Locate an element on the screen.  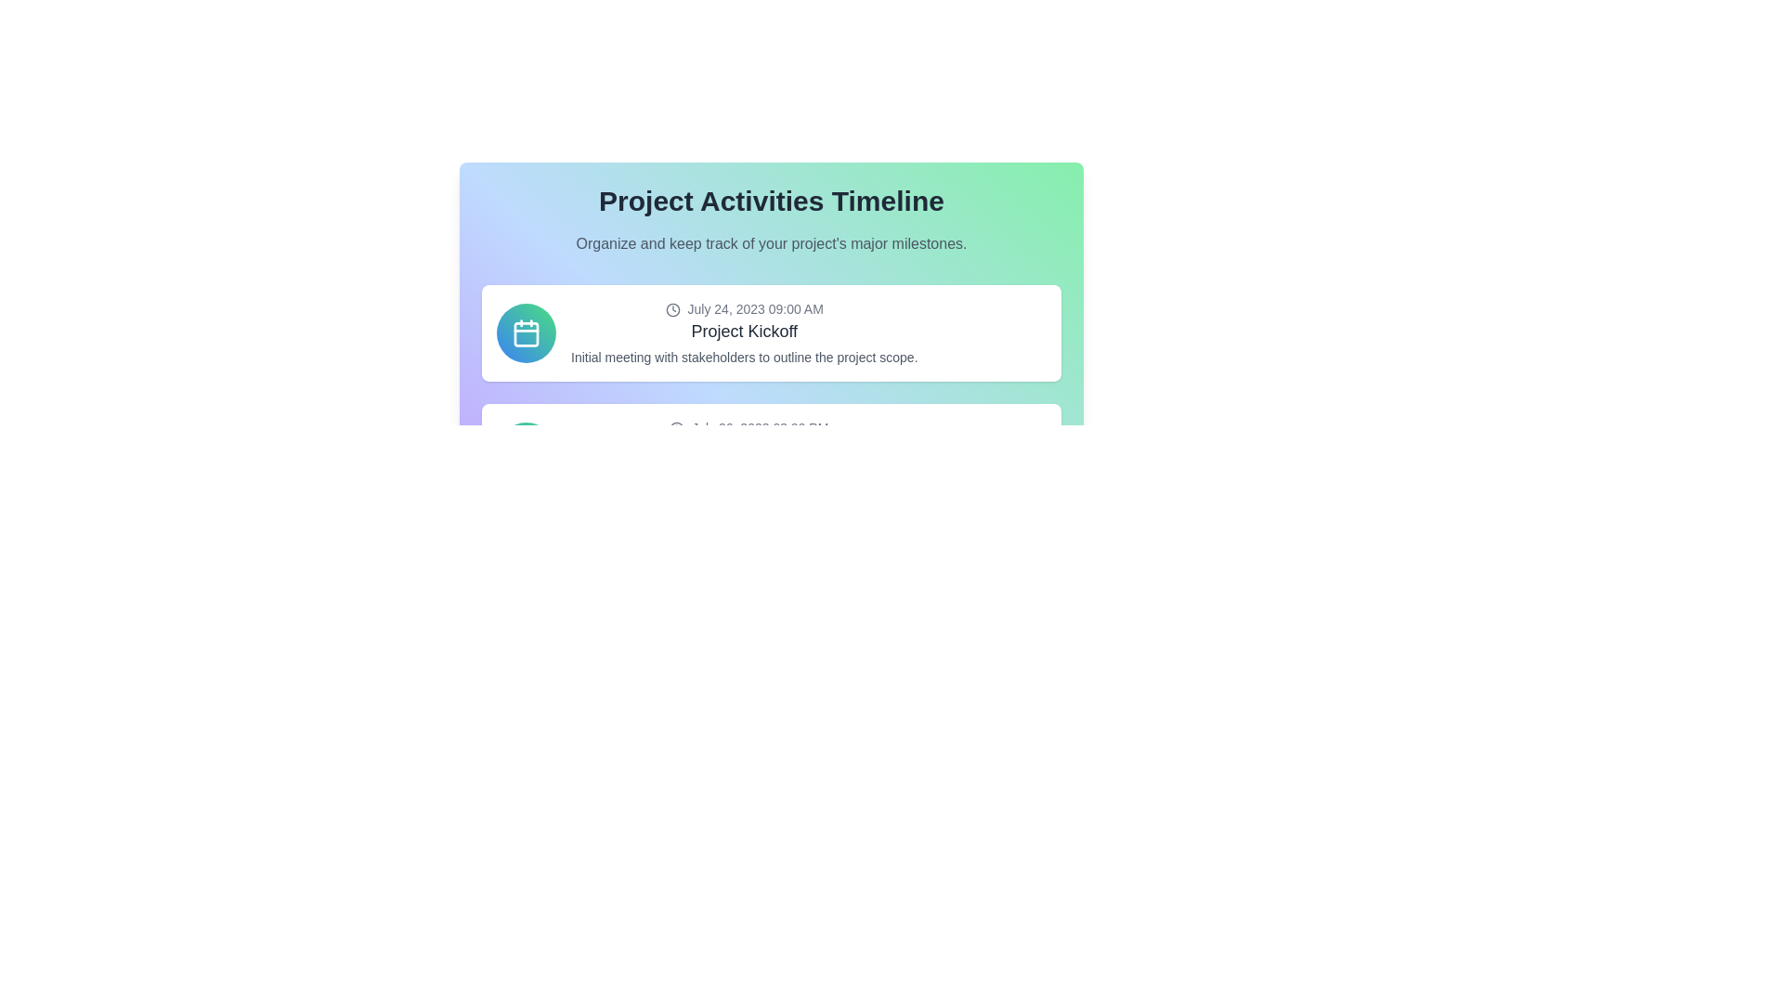
the text label that serves as the title for the project activities timeline, located near the top-center of the interface is located at coordinates (771, 201).